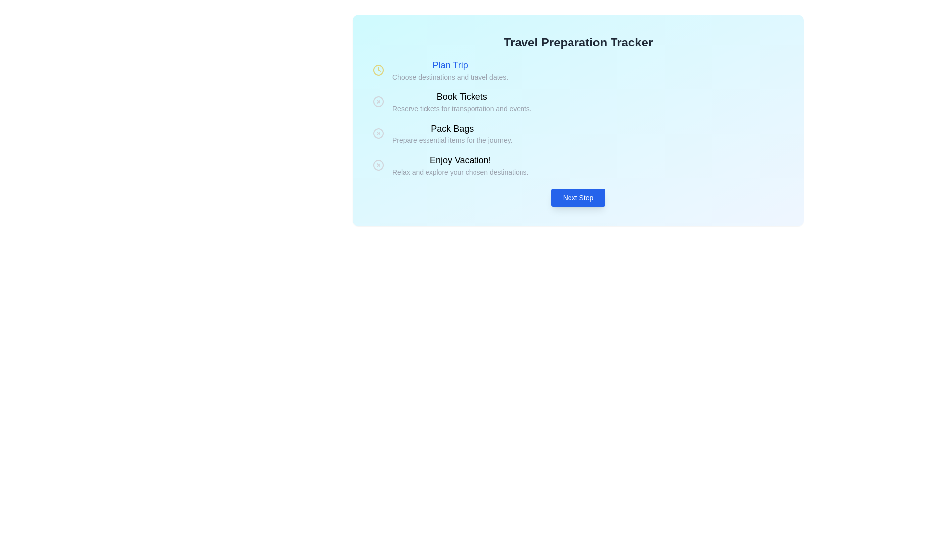 Image resolution: width=950 pixels, height=534 pixels. What do you see at coordinates (460, 165) in the screenshot?
I see `the fourth item in the vertical sequence of labeled steps within the procedural list, which contains a header and descriptive subtitle` at bounding box center [460, 165].